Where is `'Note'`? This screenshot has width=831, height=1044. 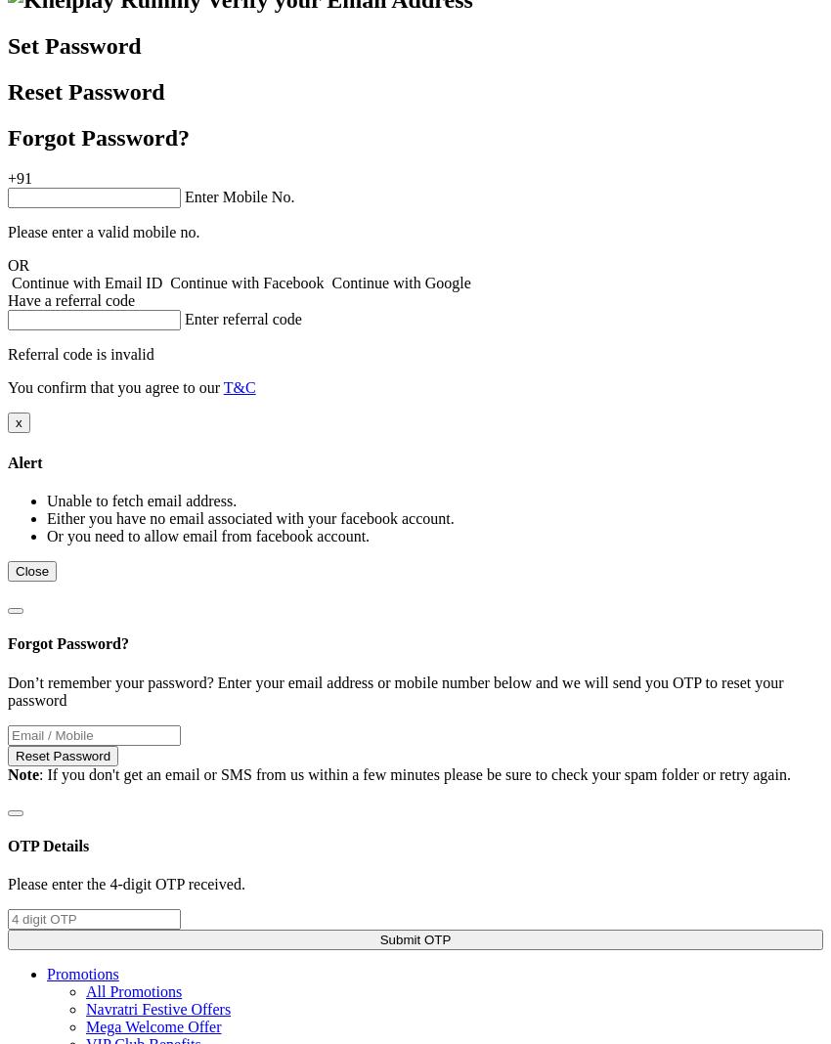
'Note' is located at coordinates (22, 773).